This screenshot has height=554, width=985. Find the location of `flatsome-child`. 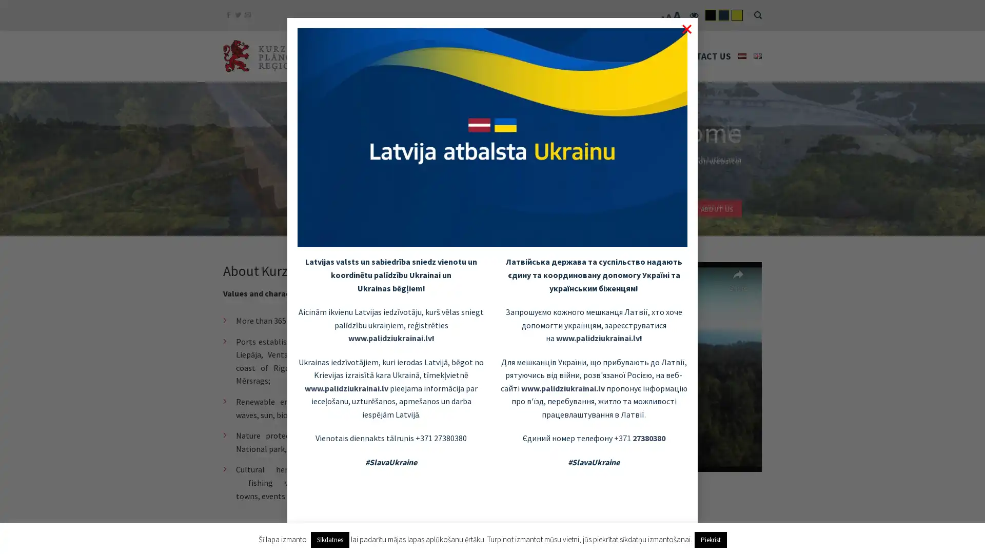

flatsome-child is located at coordinates (723, 15).